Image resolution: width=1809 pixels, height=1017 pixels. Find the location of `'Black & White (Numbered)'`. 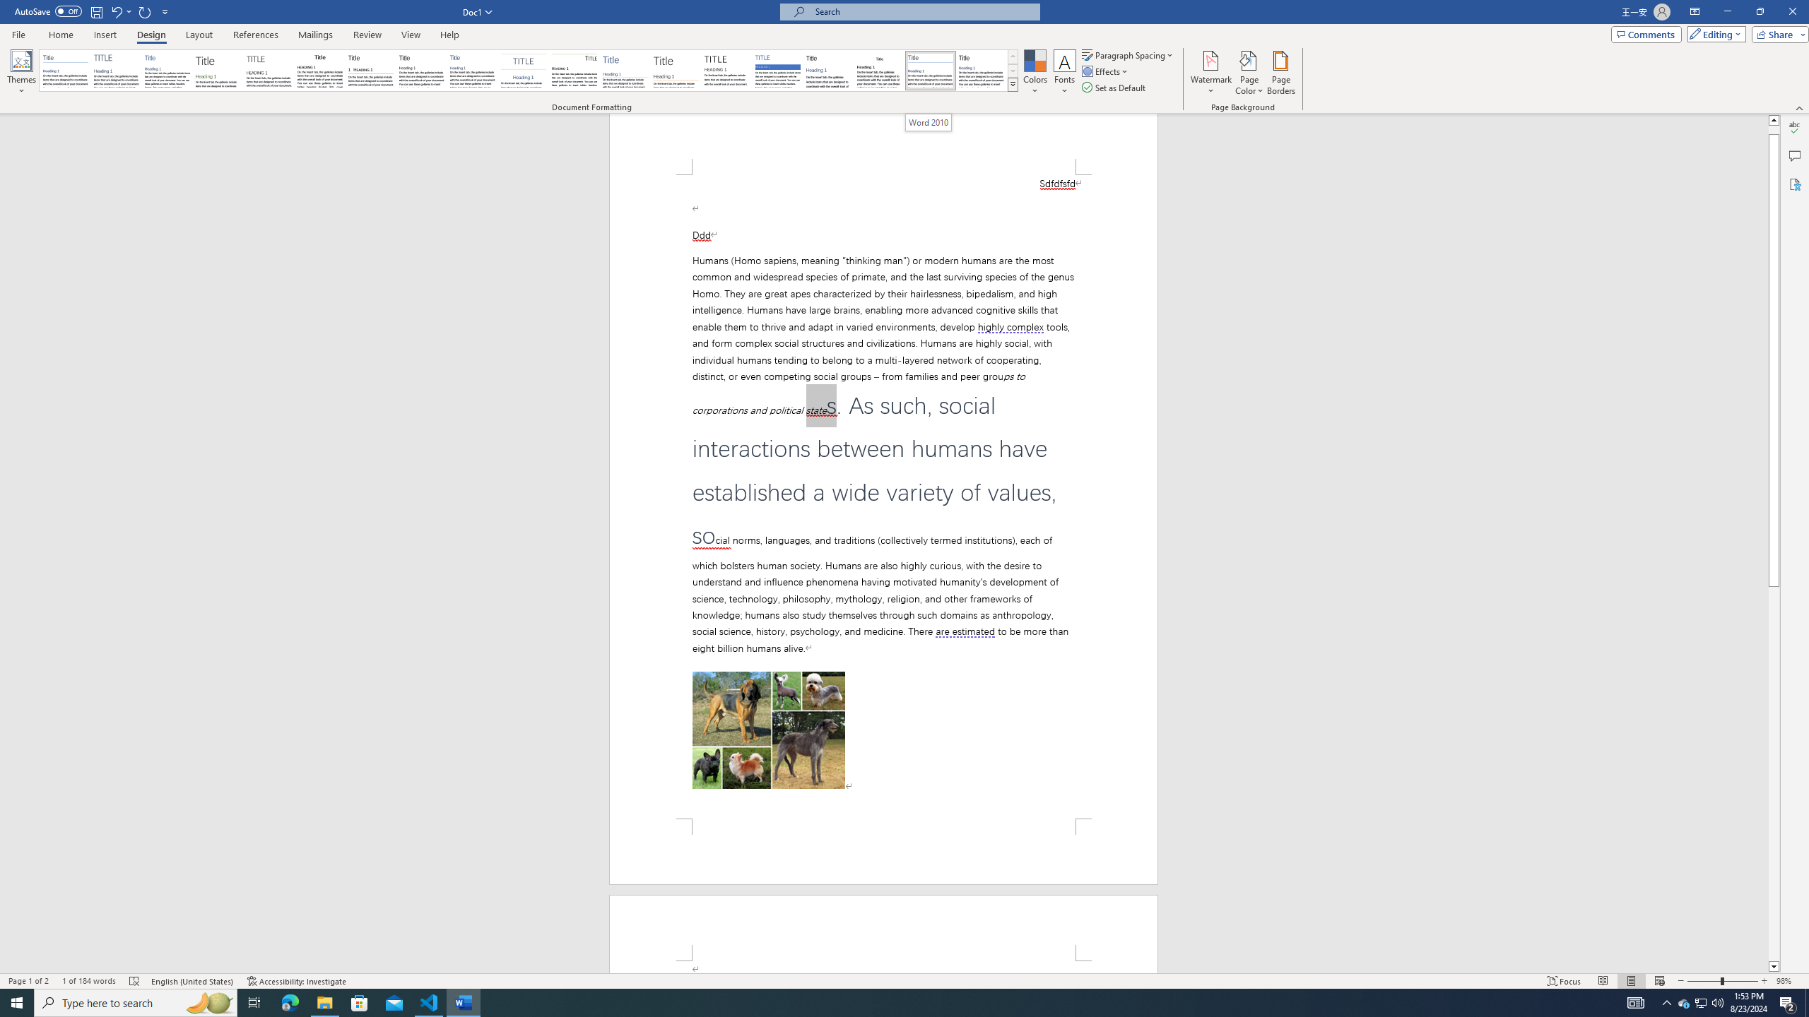

'Black & White (Numbered)' is located at coordinates (370, 70).